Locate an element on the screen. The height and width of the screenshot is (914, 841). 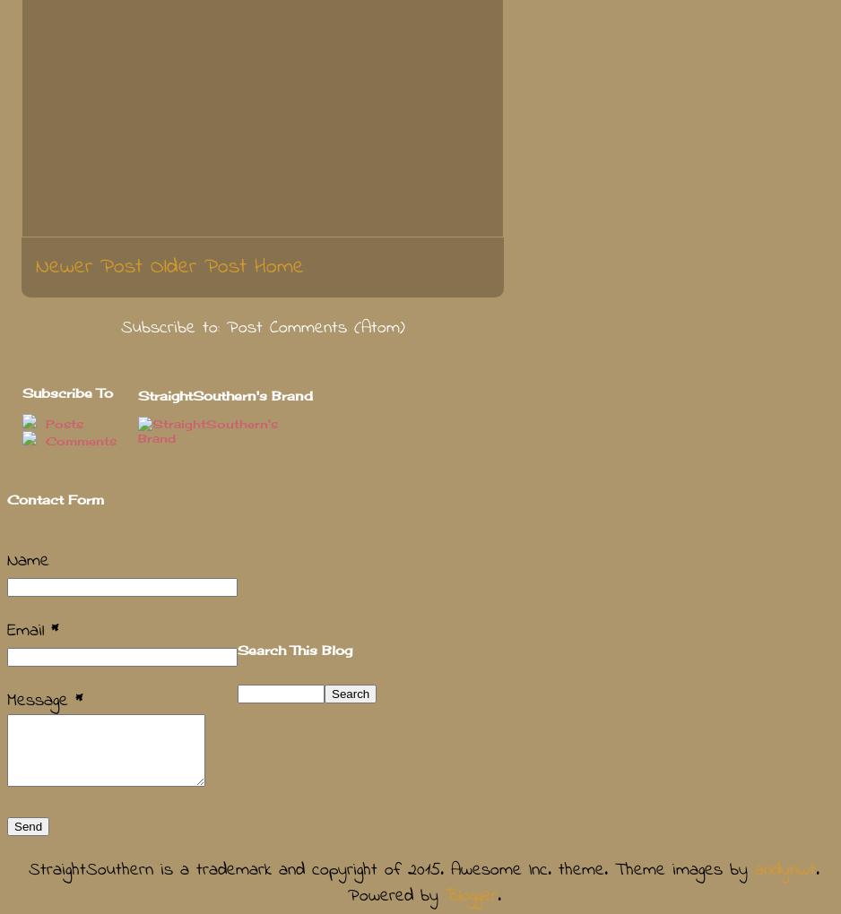
'Post Comments (Atom)' is located at coordinates (315, 326).